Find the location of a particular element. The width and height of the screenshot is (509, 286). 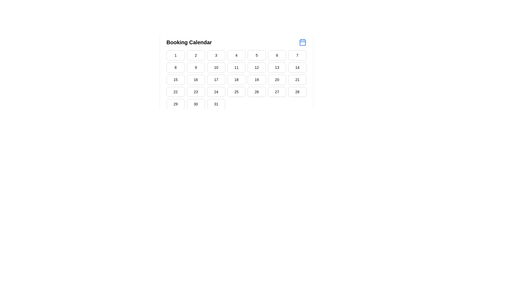

the button representing the date '17' is located at coordinates (216, 79).